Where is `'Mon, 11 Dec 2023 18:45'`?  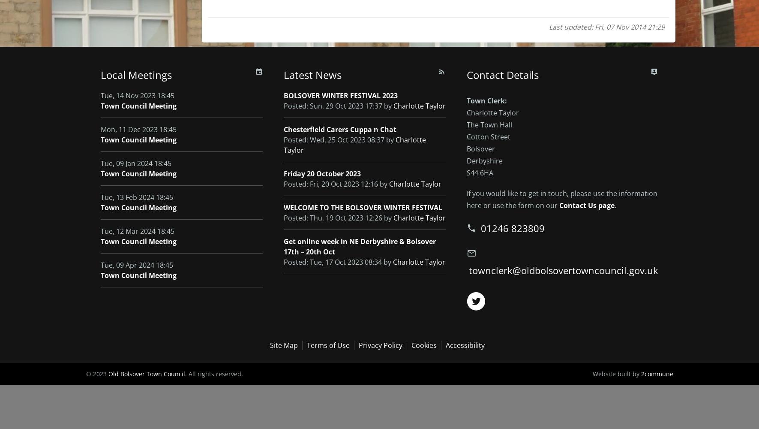 'Mon, 11 Dec 2023 18:45' is located at coordinates (138, 130).